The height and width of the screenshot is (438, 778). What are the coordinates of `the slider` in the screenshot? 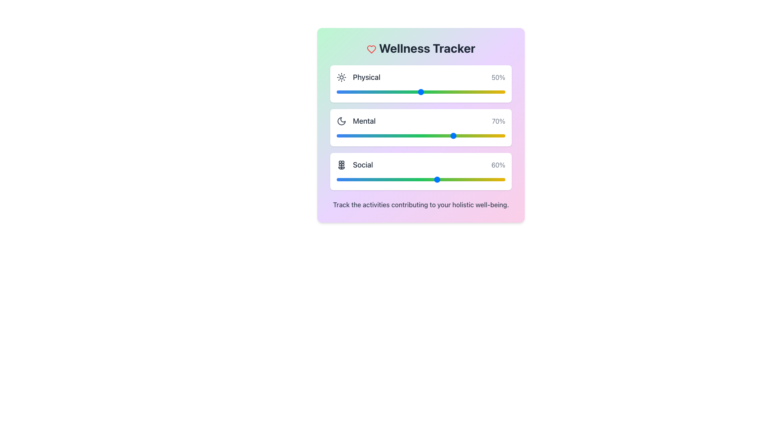 It's located at (409, 135).